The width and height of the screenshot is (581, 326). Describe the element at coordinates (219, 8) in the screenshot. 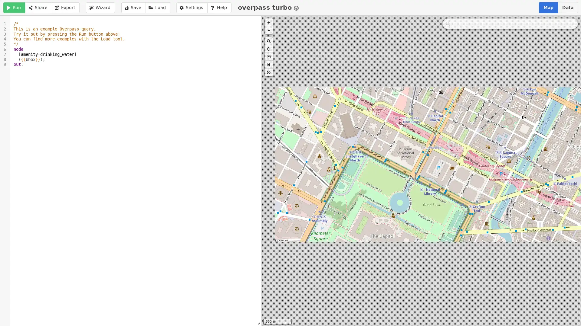

I see `Help` at that location.